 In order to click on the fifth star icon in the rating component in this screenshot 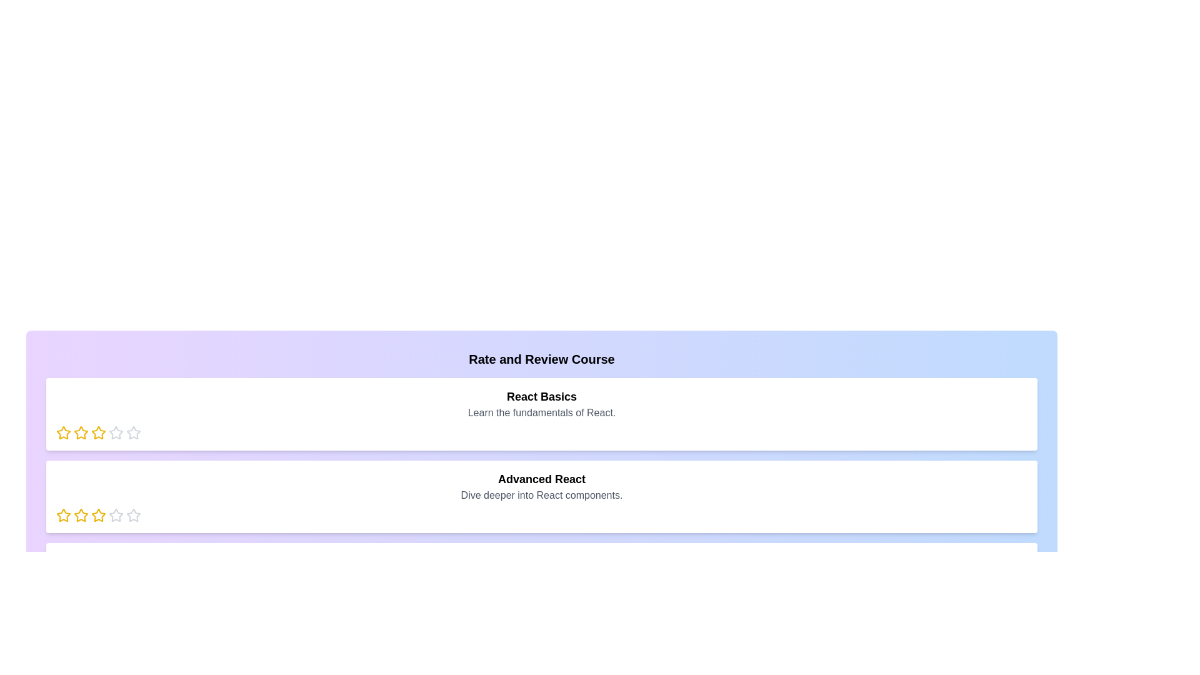, I will do `click(134, 432)`.